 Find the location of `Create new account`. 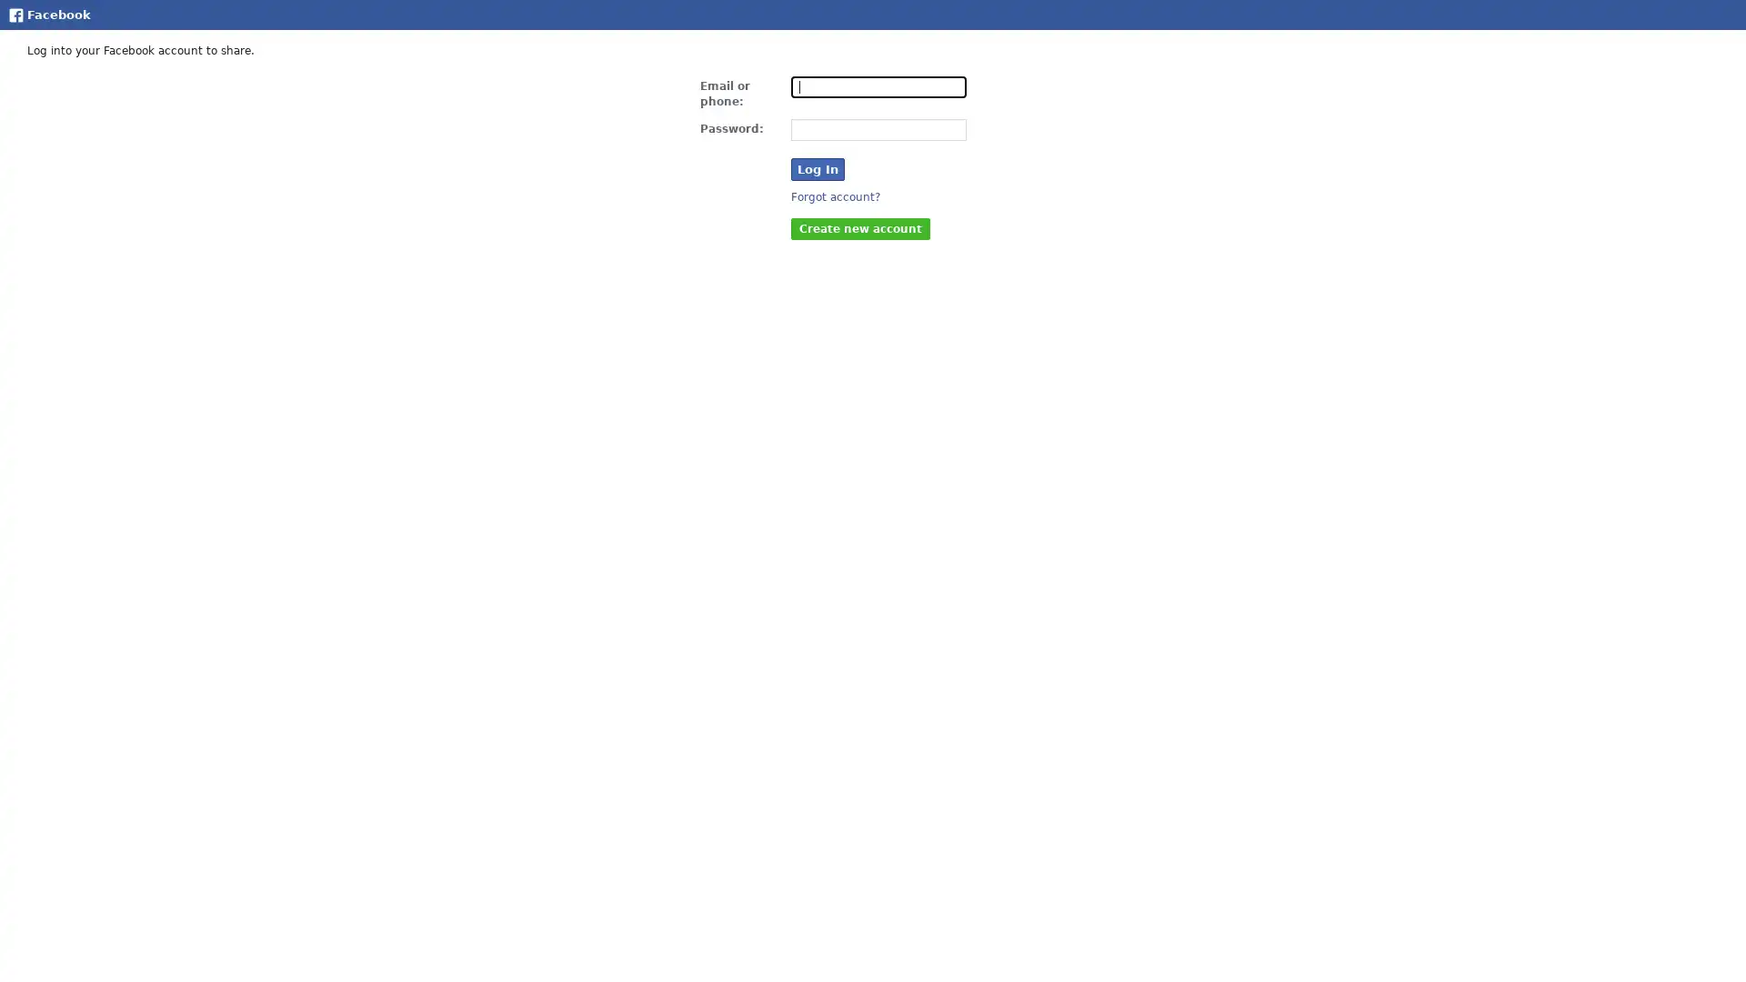

Create new account is located at coordinates (859, 226).